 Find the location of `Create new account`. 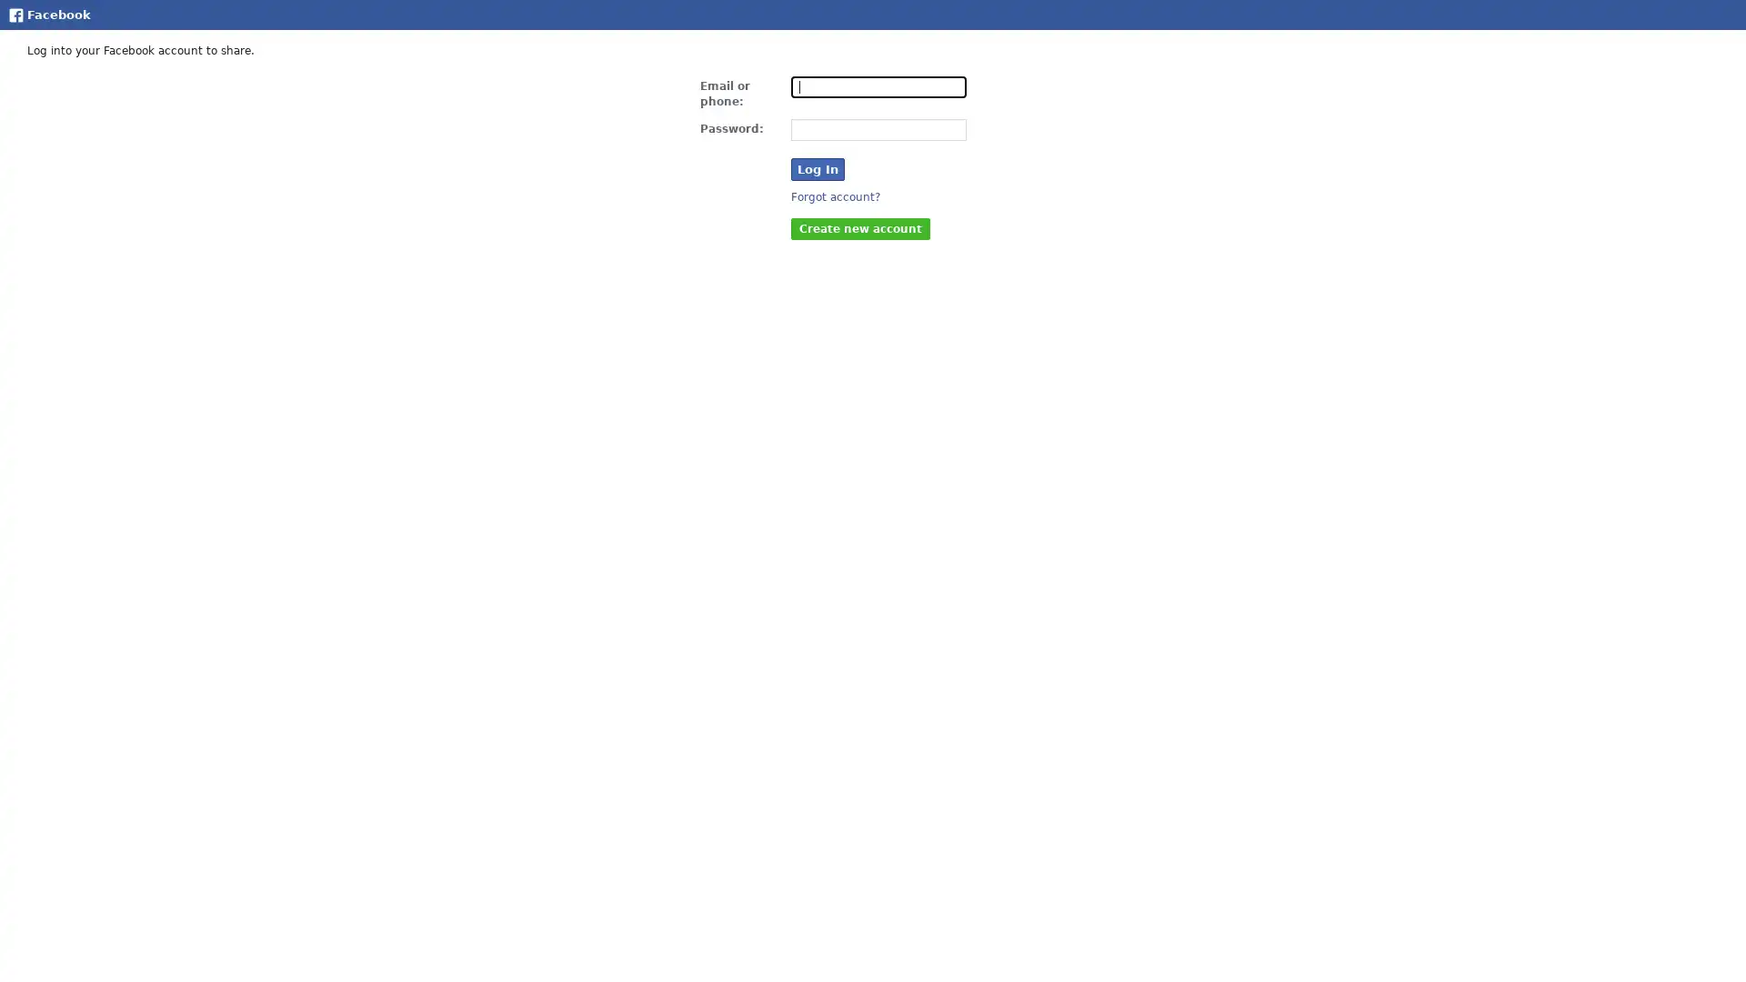

Create new account is located at coordinates (859, 226).